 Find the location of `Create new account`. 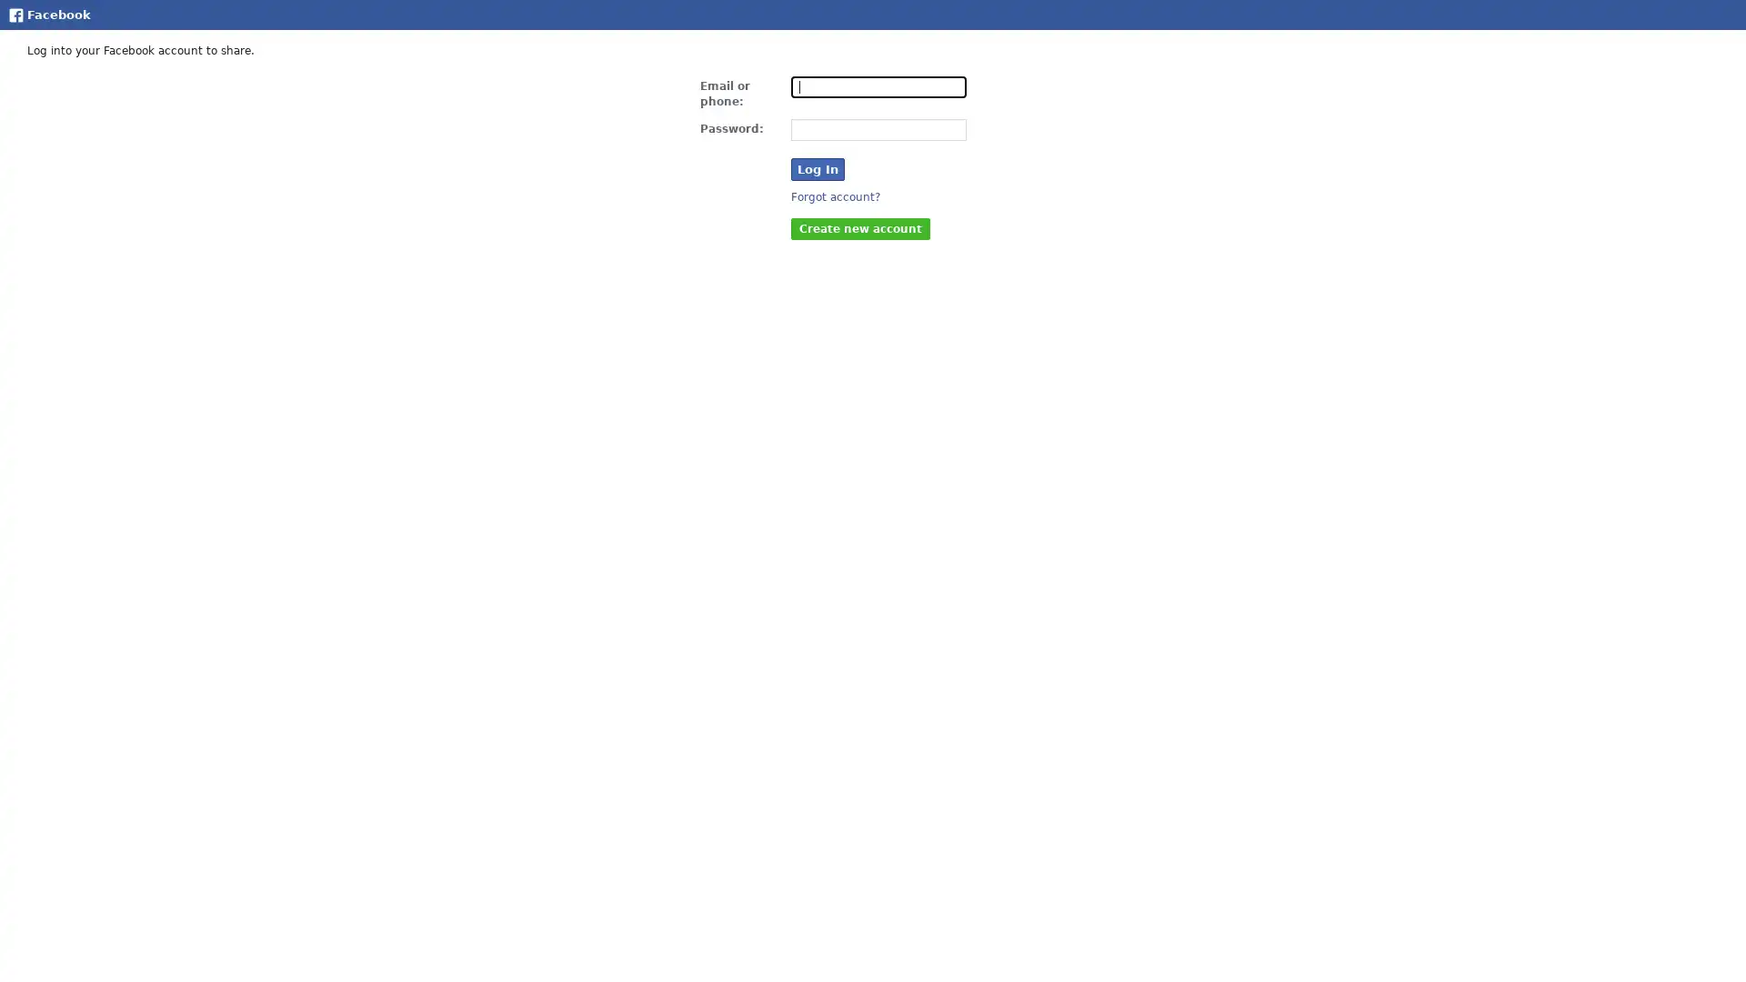

Create new account is located at coordinates (859, 226).